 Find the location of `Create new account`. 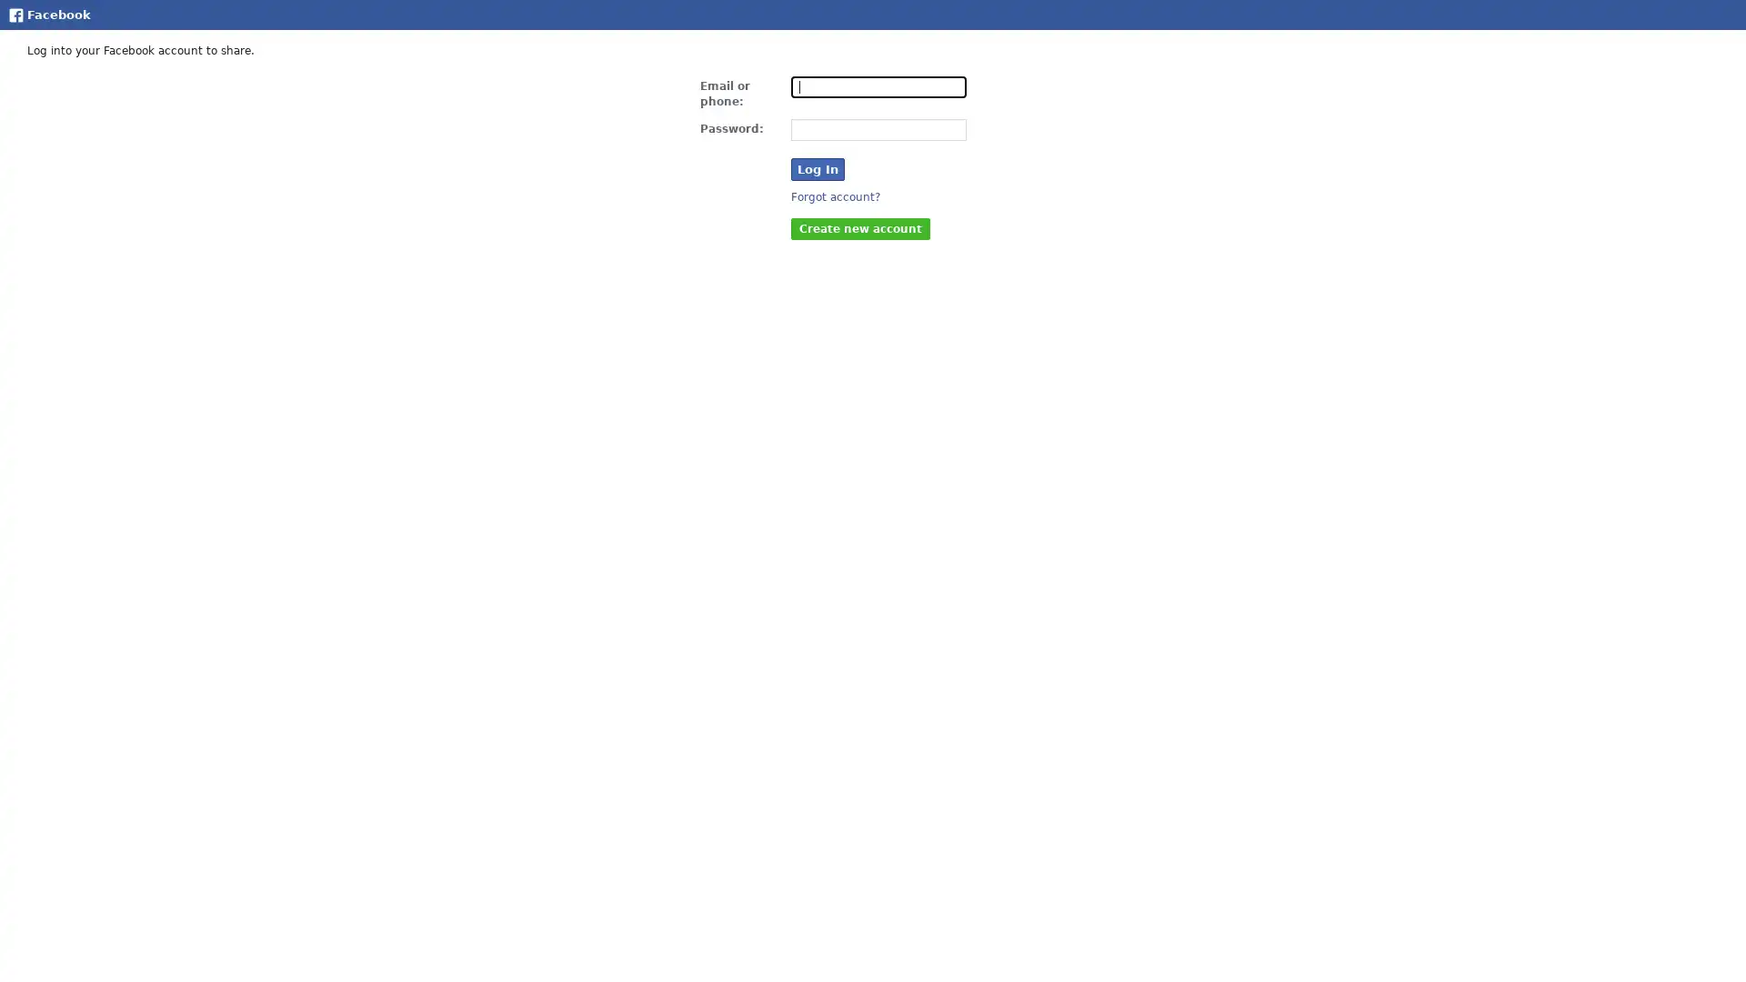

Create new account is located at coordinates (859, 226).